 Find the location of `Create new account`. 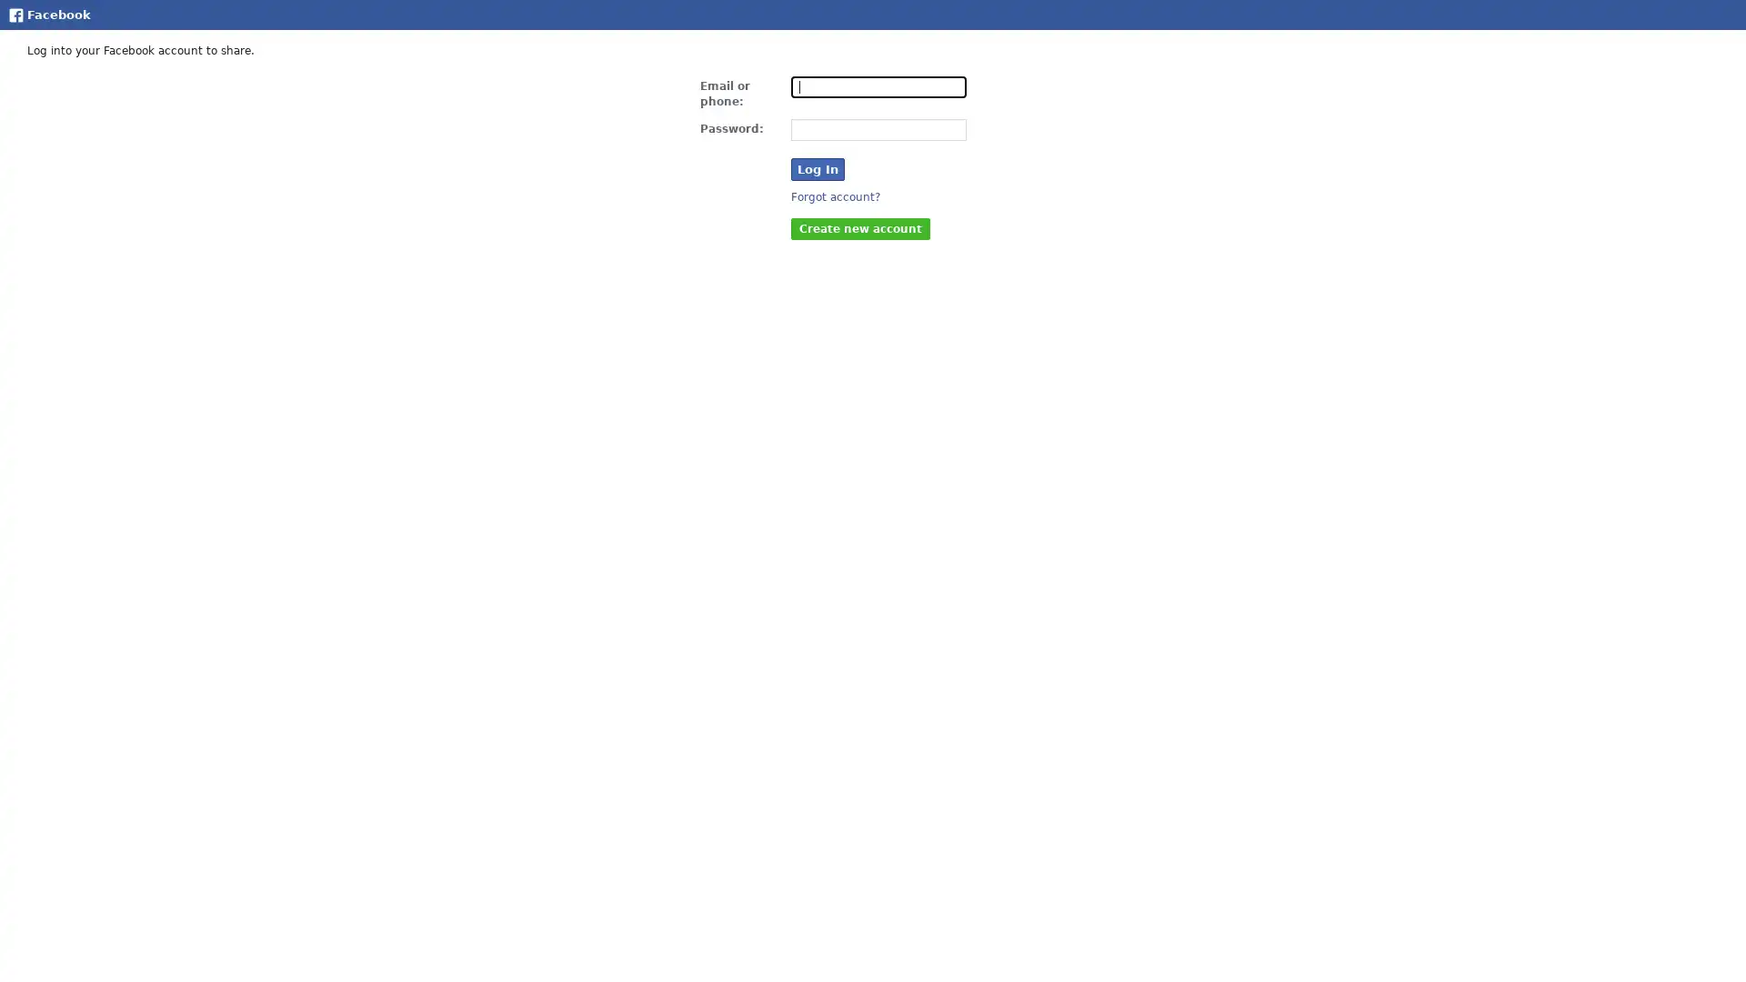

Create new account is located at coordinates (859, 226).